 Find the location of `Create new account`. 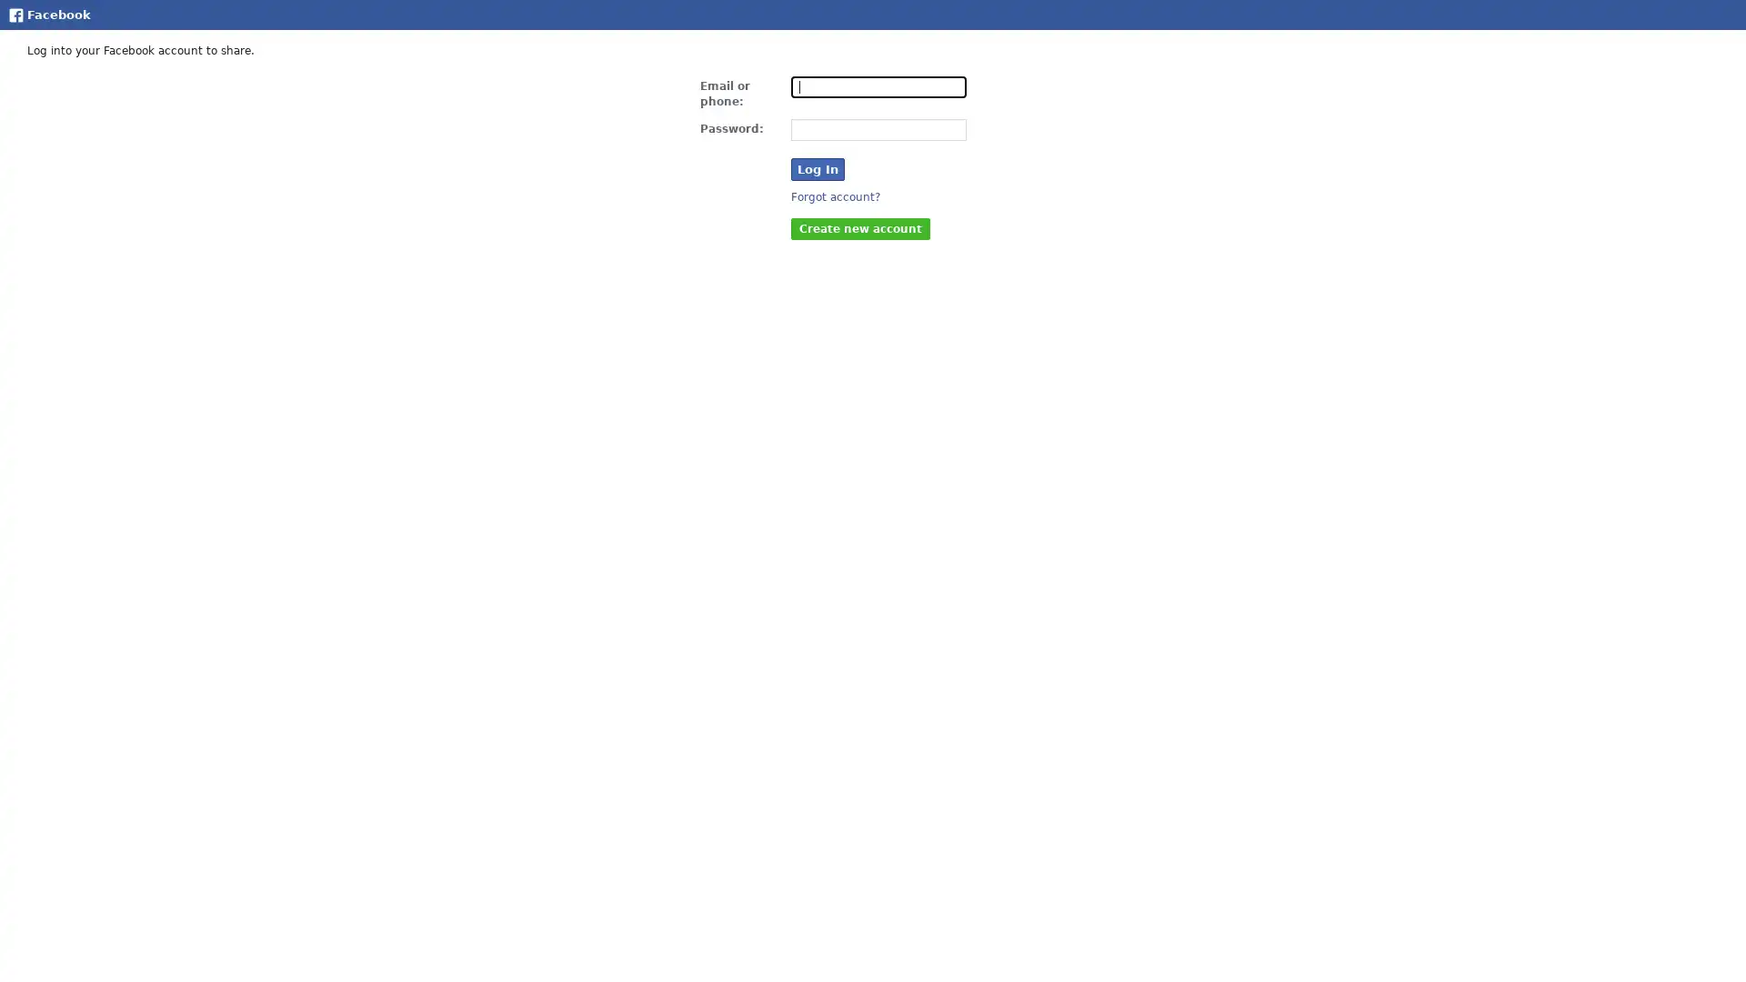

Create new account is located at coordinates (859, 226).